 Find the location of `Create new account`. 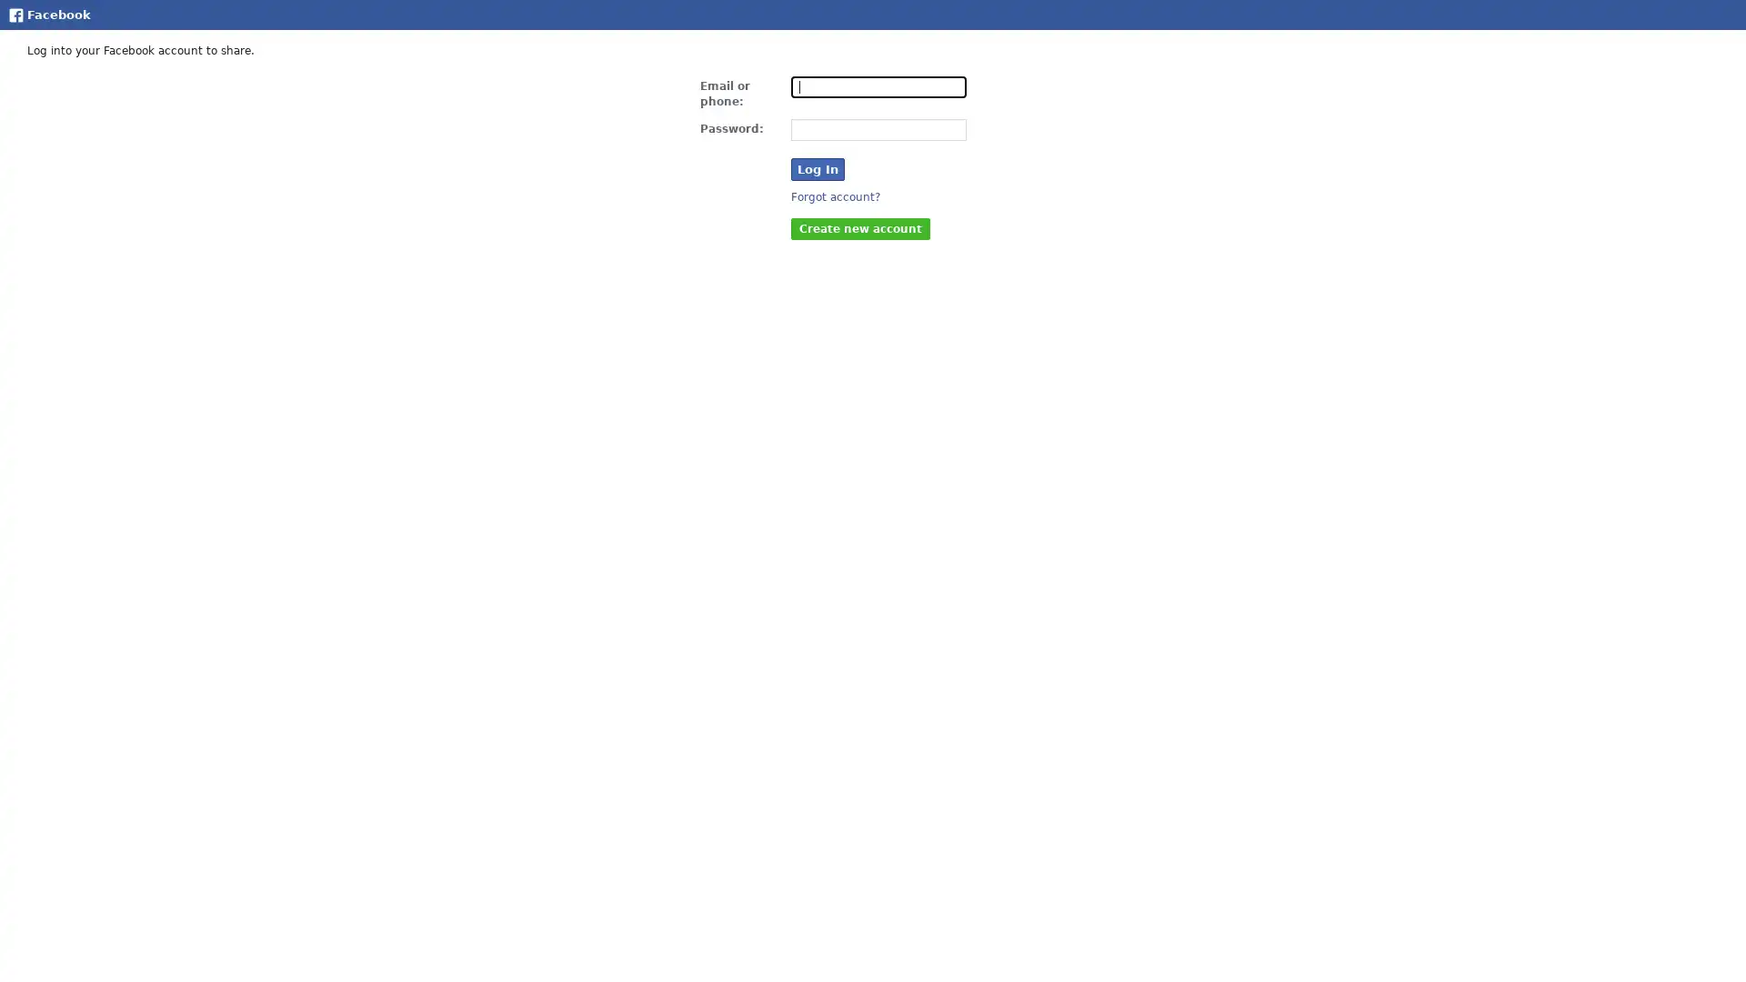

Create new account is located at coordinates (859, 226).